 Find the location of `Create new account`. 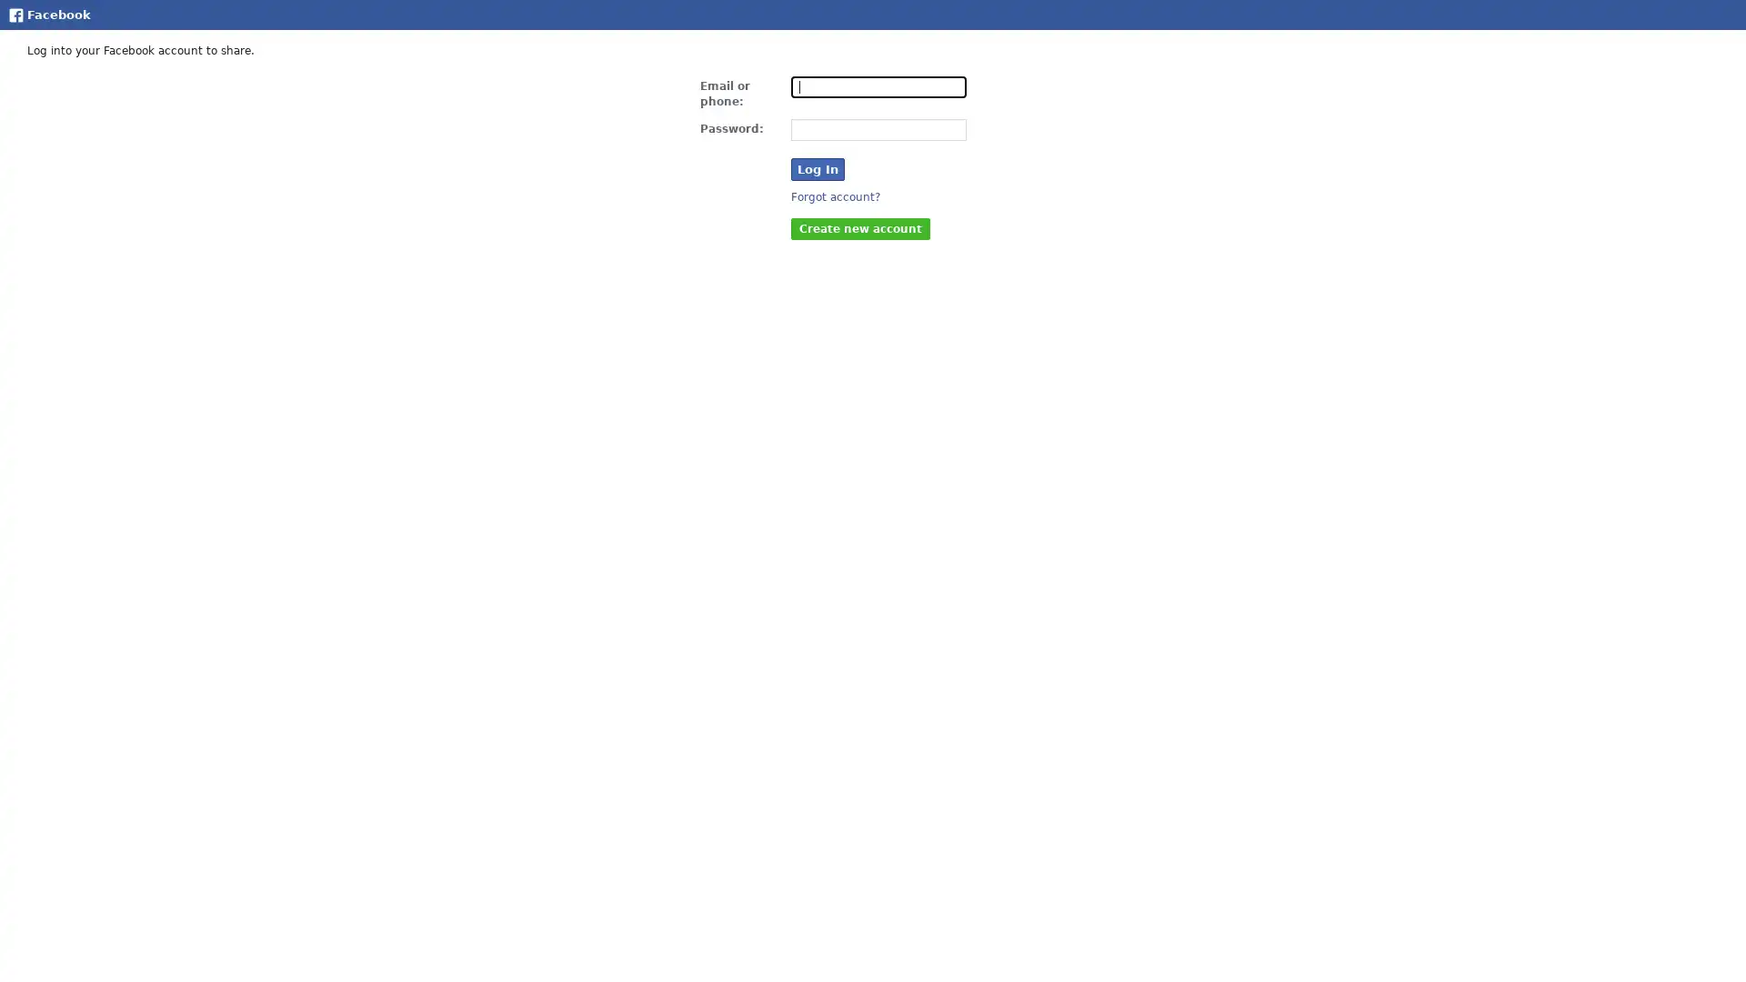

Create new account is located at coordinates (859, 226).